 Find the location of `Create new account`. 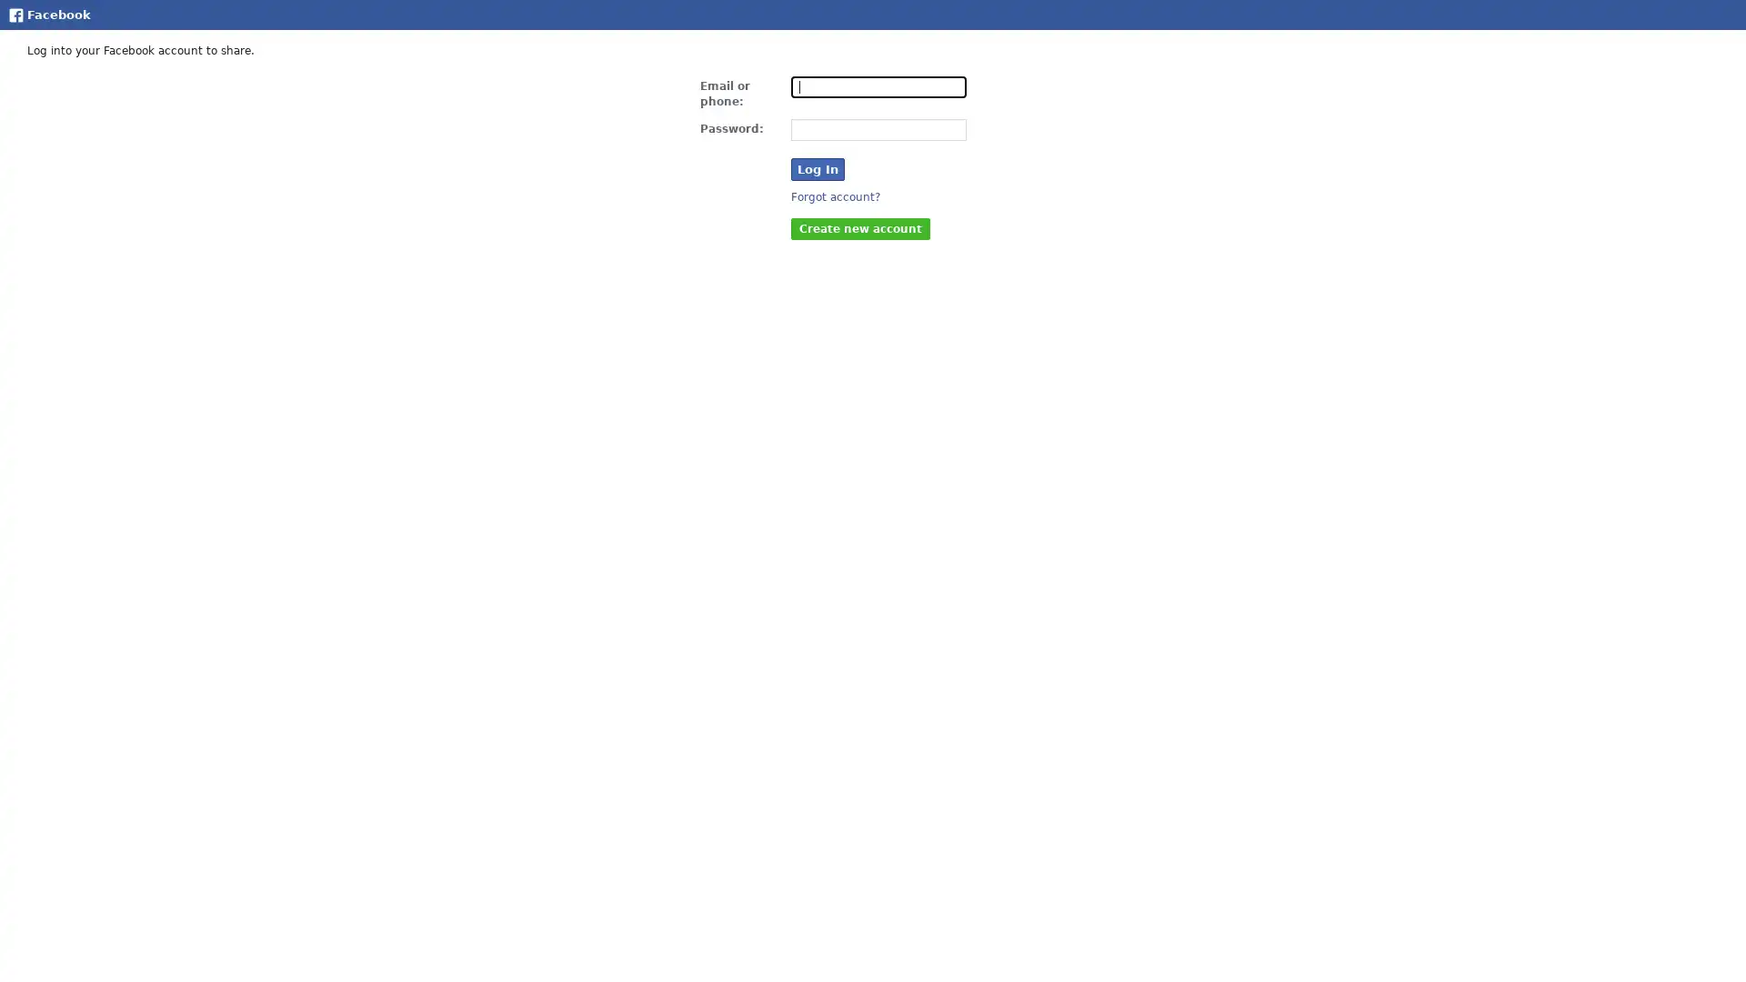

Create new account is located at coordinates (859, 226).